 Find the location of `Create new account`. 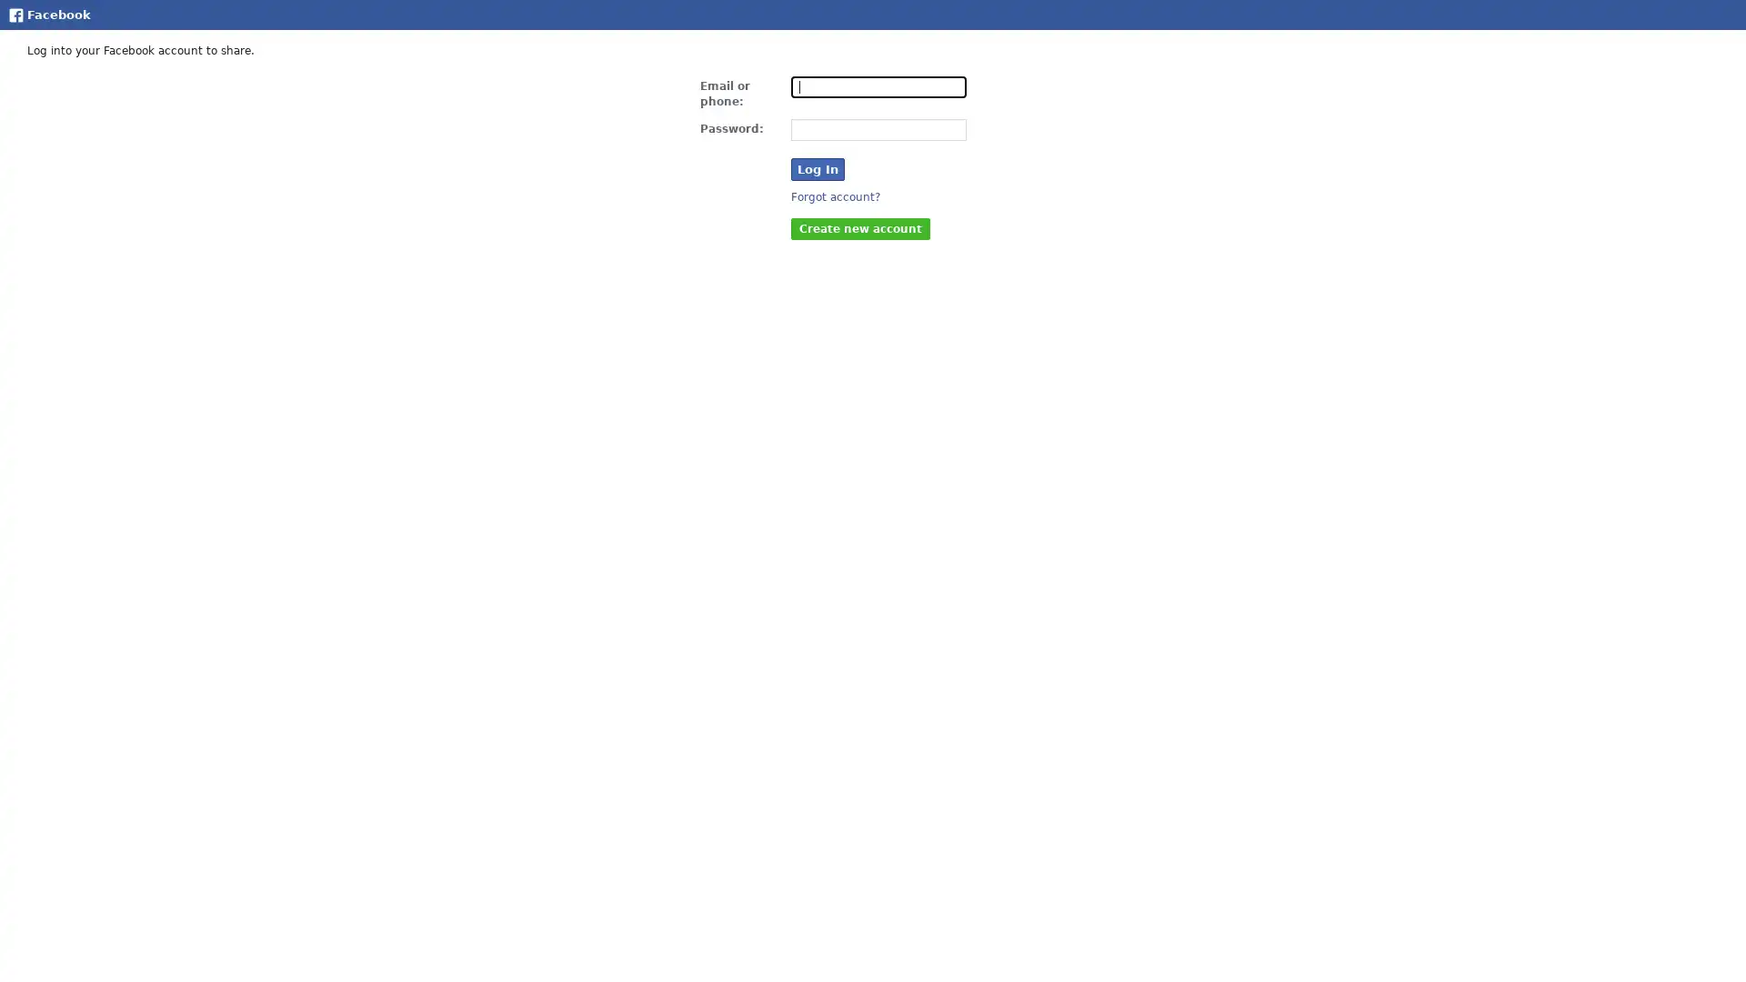

Create new account is located at coordinates (859, 226).